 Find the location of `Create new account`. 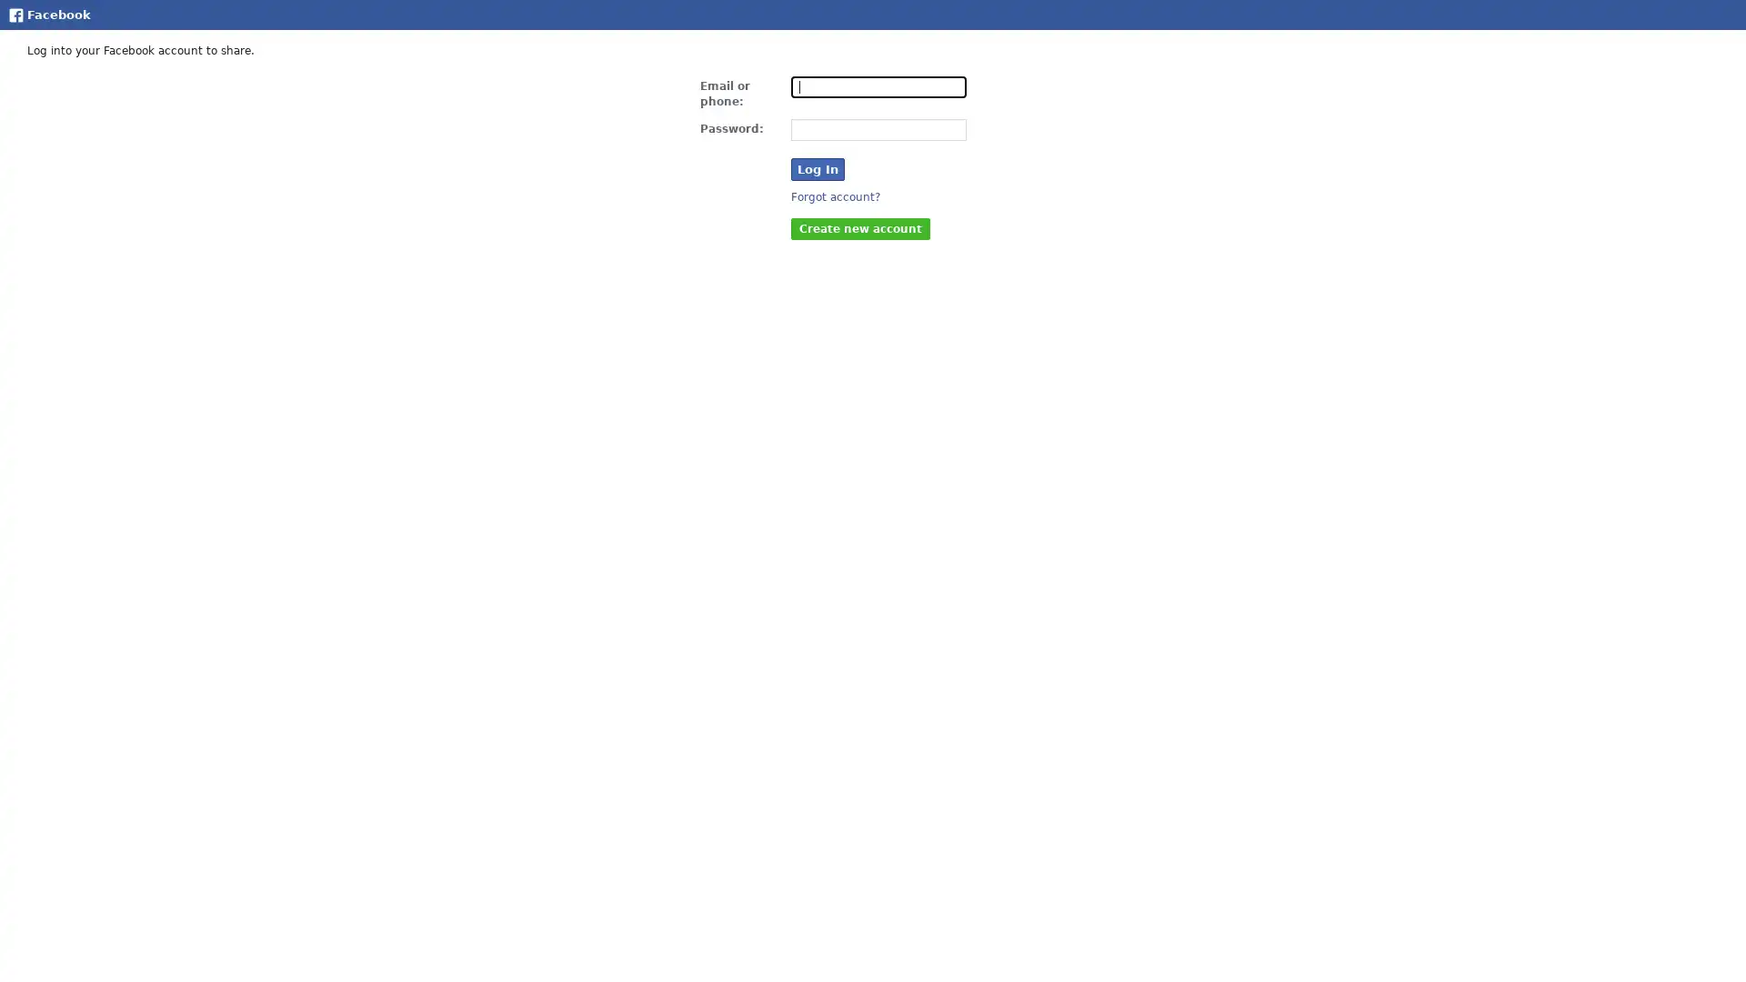

Create new account is located at coordinates (859, 226).